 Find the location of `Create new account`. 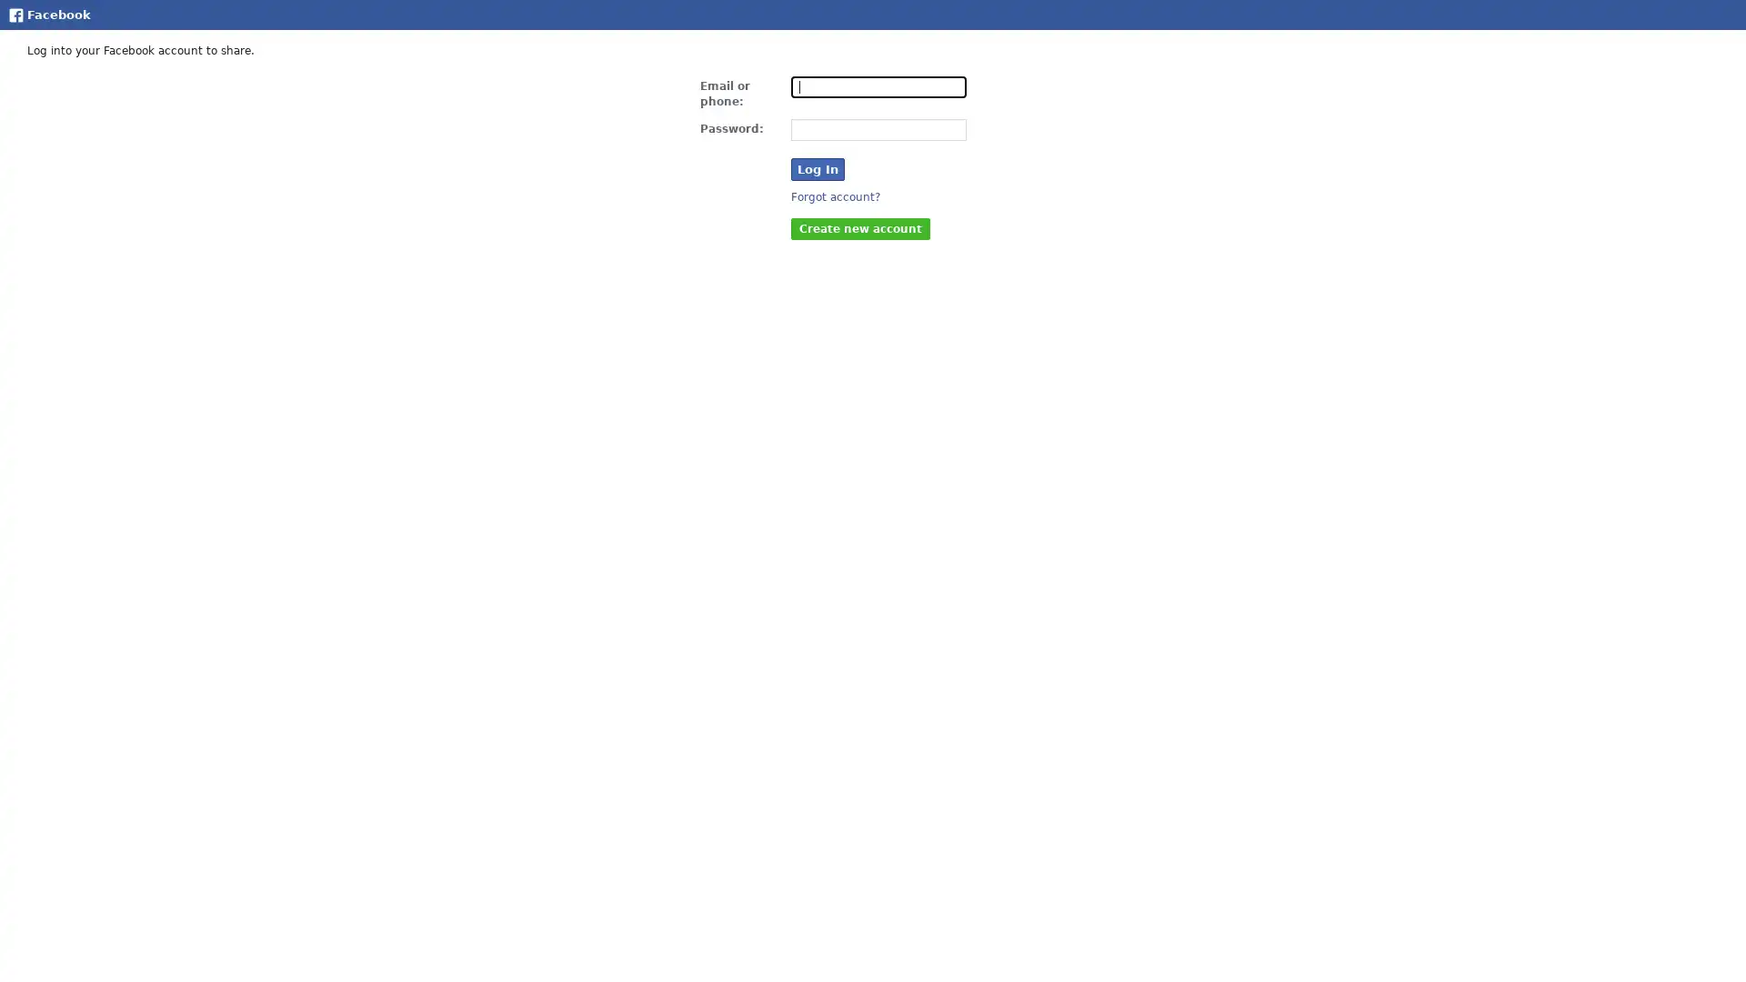

Create new account is located at coordinates (859, 226).